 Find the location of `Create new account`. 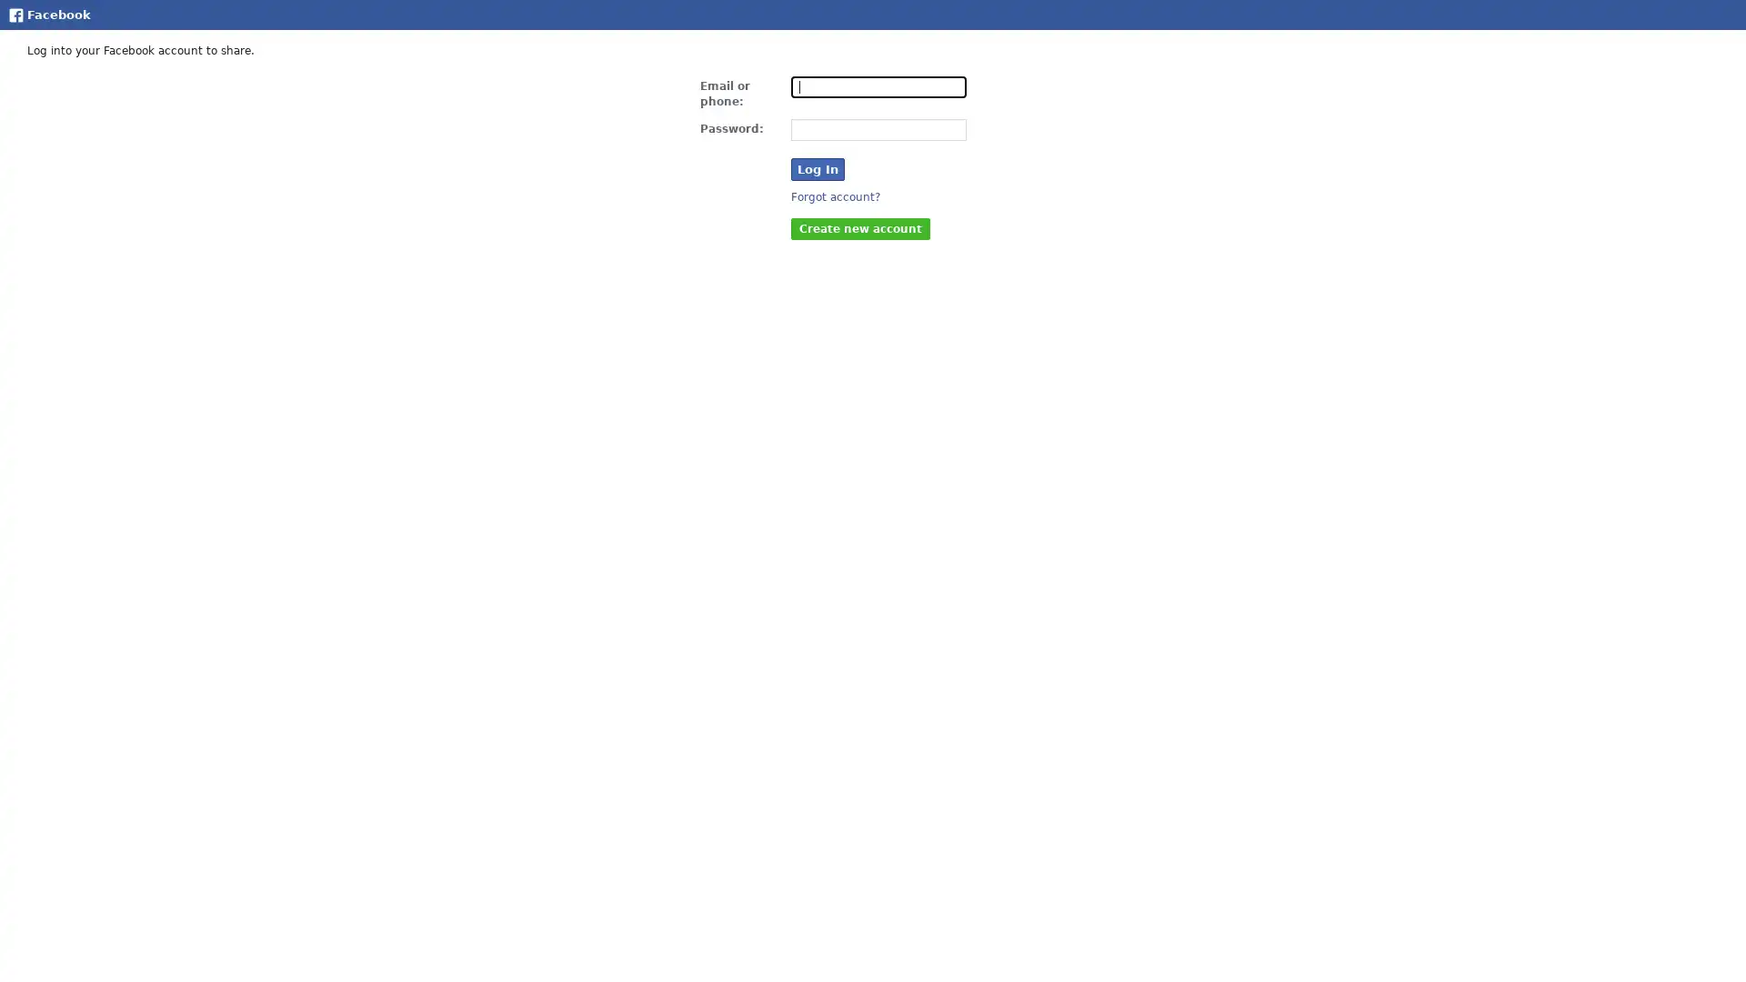

Create new account is located at coordinates (859, 226).